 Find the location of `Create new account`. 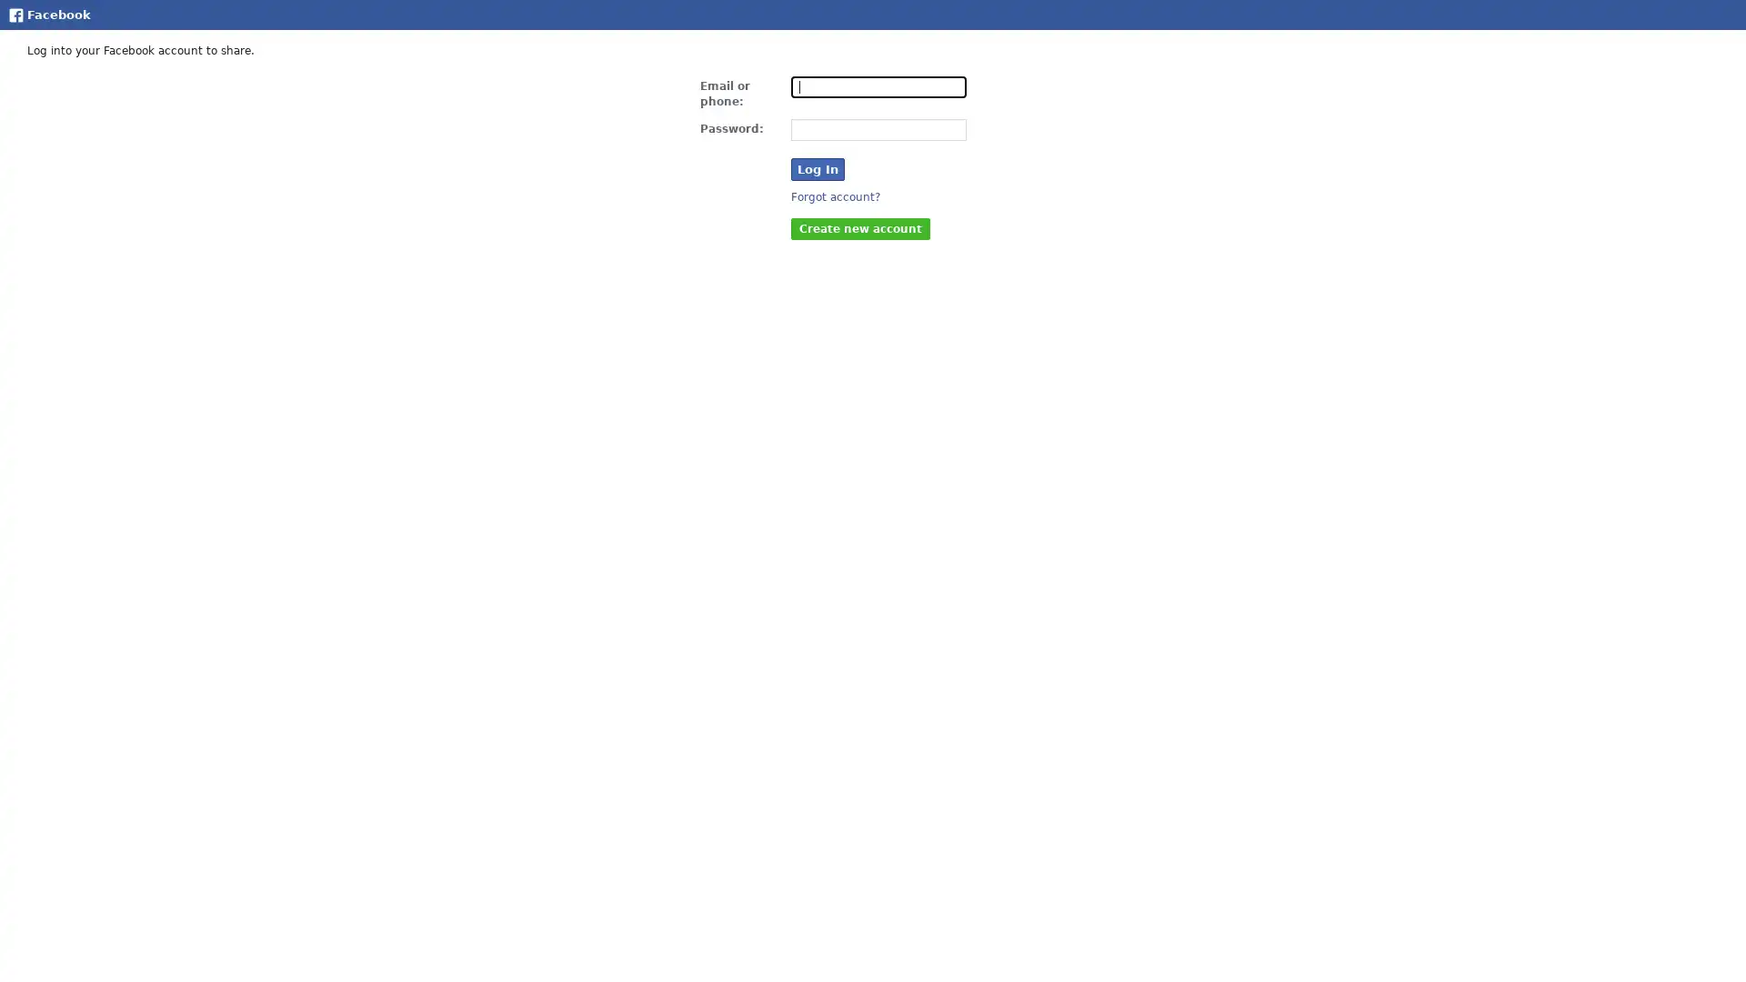

Create new account is located at coordinates (859, 226).